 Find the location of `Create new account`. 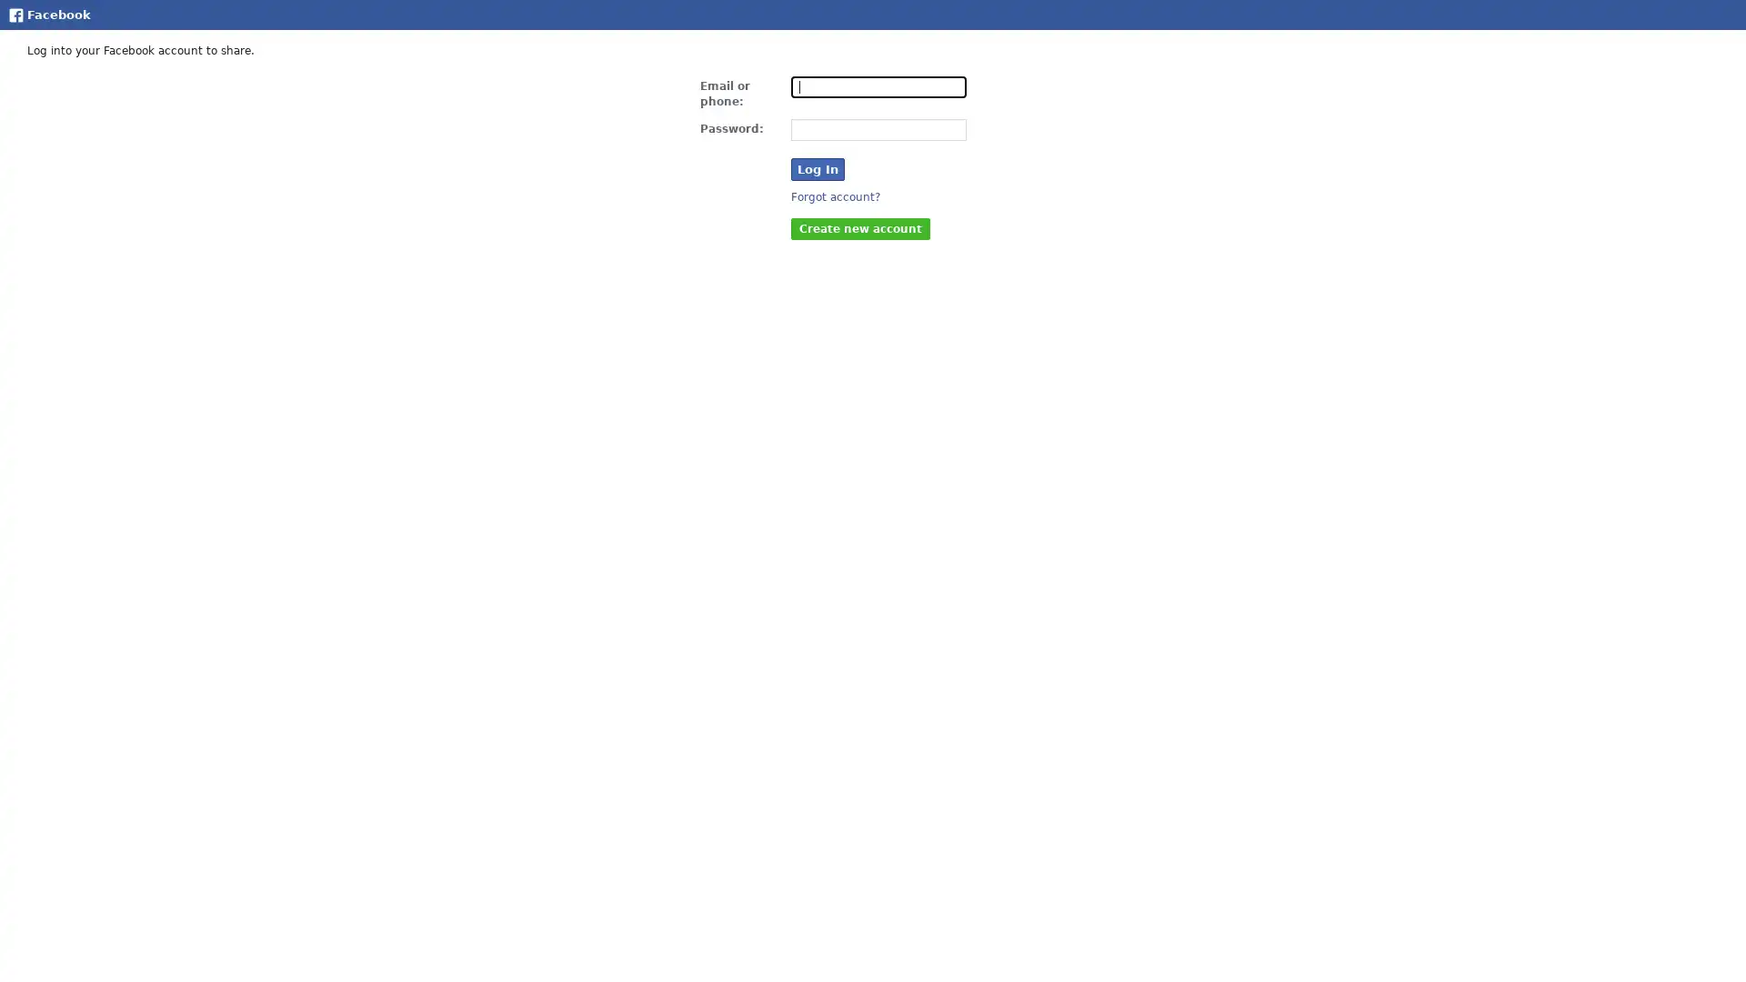

Create new account is located at coordinates (859, 226).